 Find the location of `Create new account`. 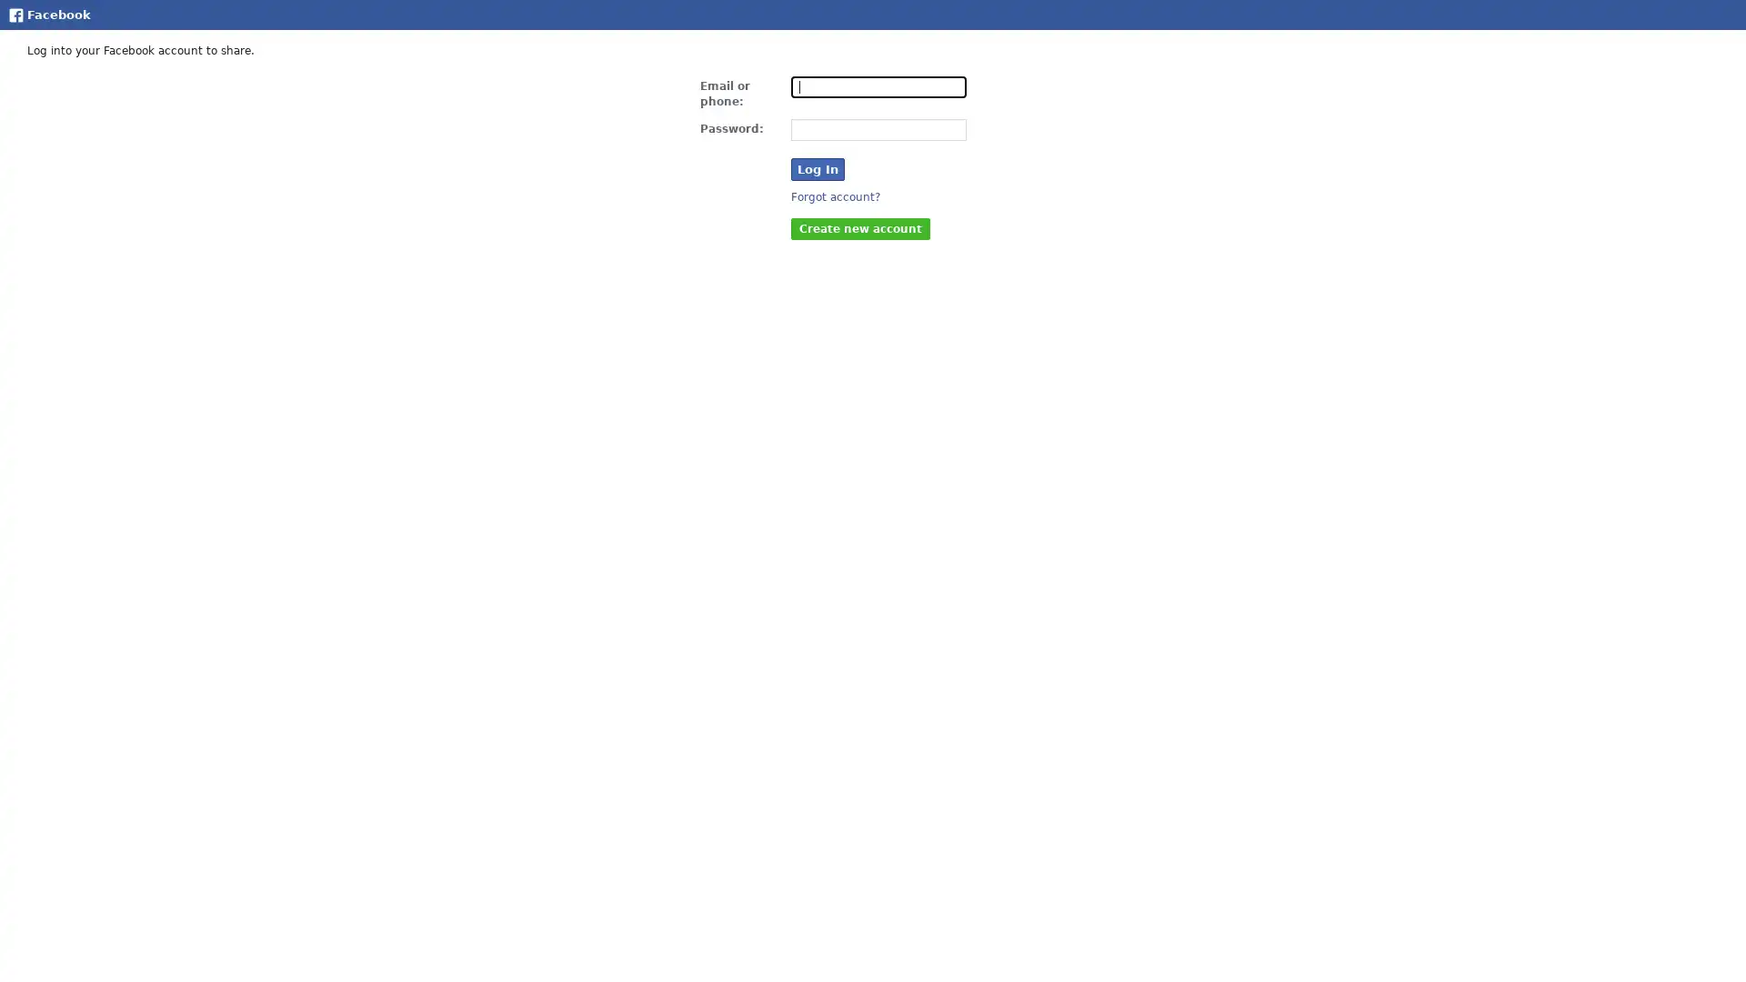

Create new account is located at coordinates (859, 226).